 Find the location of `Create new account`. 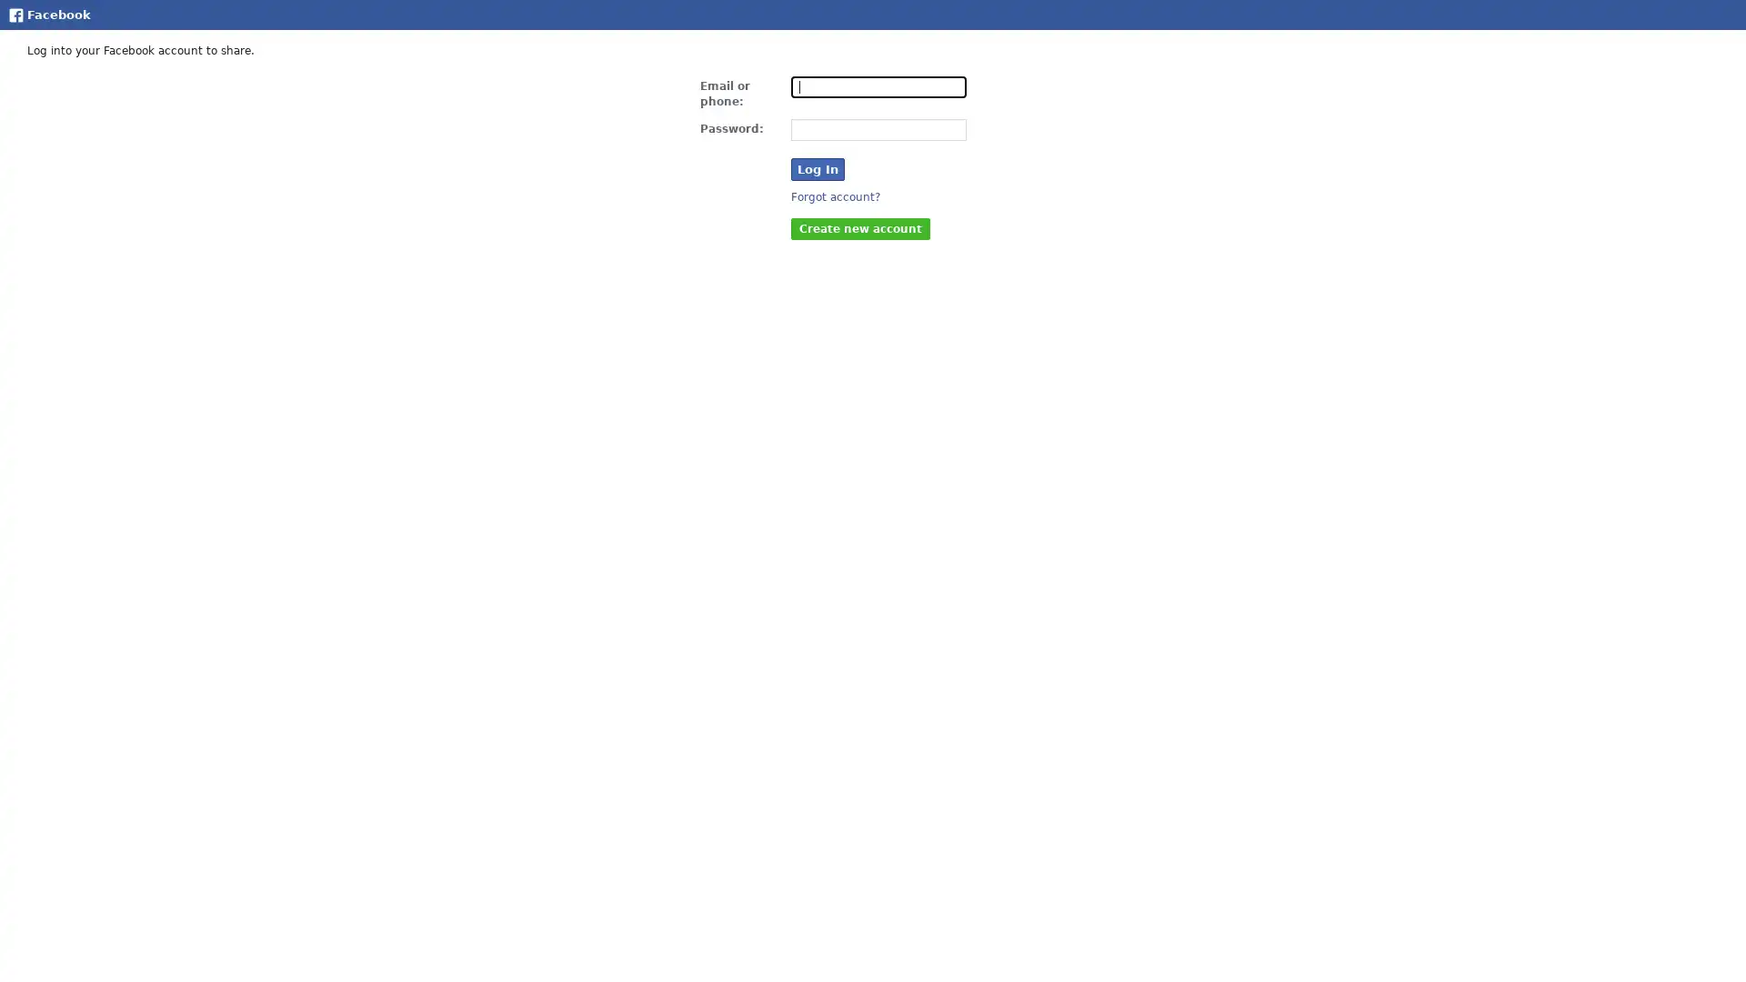

Create new account is located at coordinates (859, 226).